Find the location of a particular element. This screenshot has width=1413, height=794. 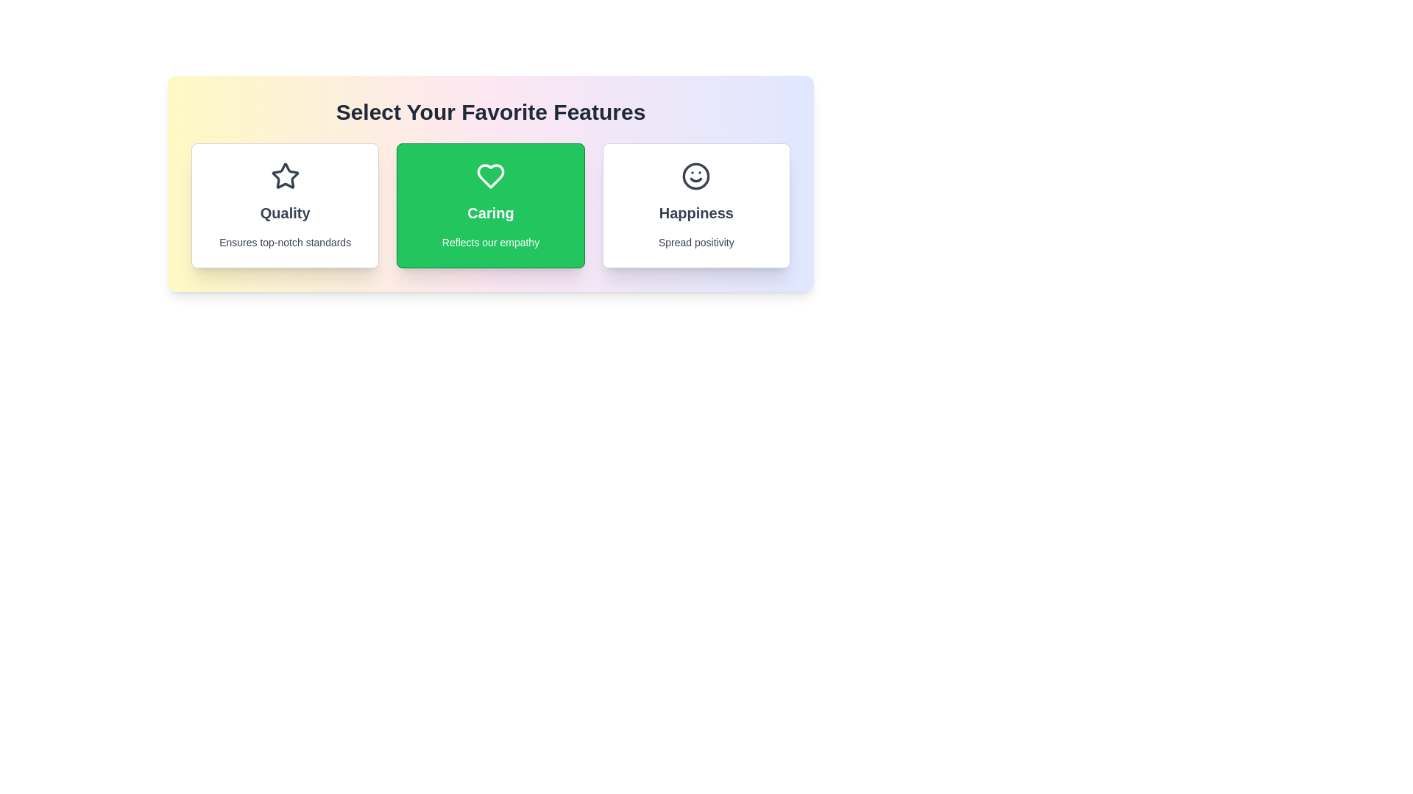

the feature card Quality by clicking on it is located at coordinates (285, 206).